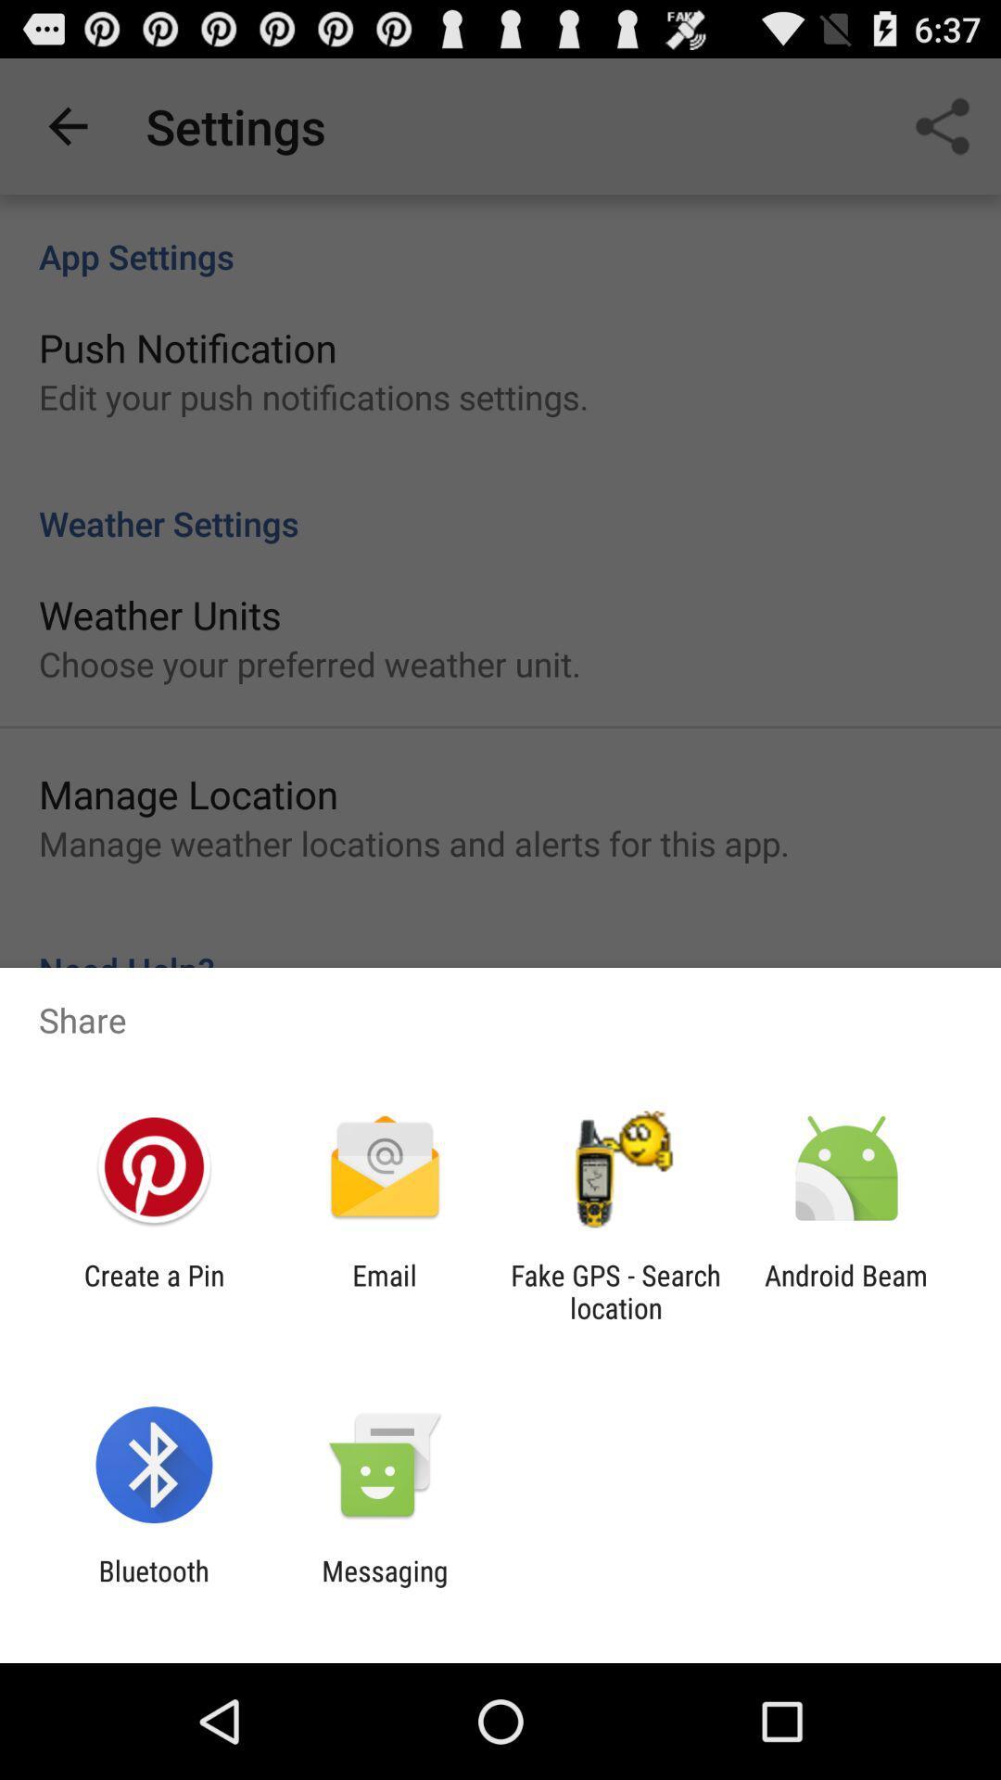 This screenshot has width=1001, height=1780. What do you see at coordinates (615, 1290) in the screenshot?
I see `the app to the left of android beam app` at bounding box center [615, 1290].